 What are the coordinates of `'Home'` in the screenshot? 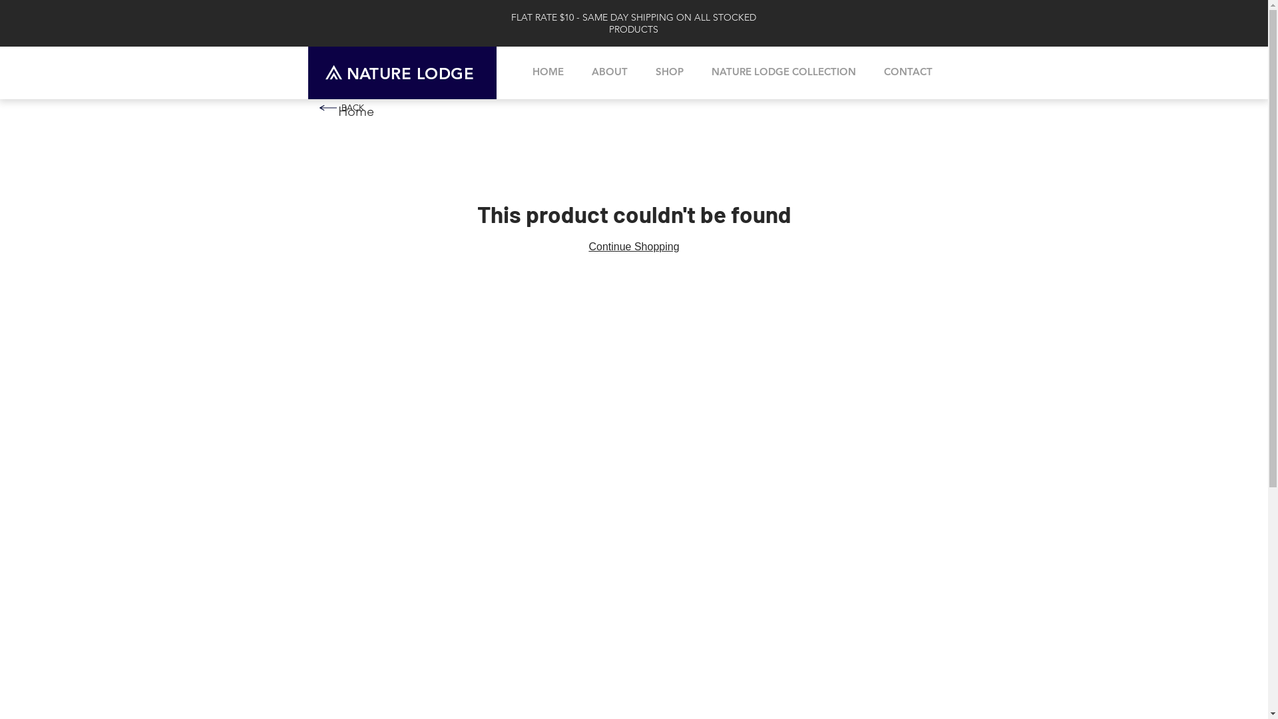 It's located at (355, 110).